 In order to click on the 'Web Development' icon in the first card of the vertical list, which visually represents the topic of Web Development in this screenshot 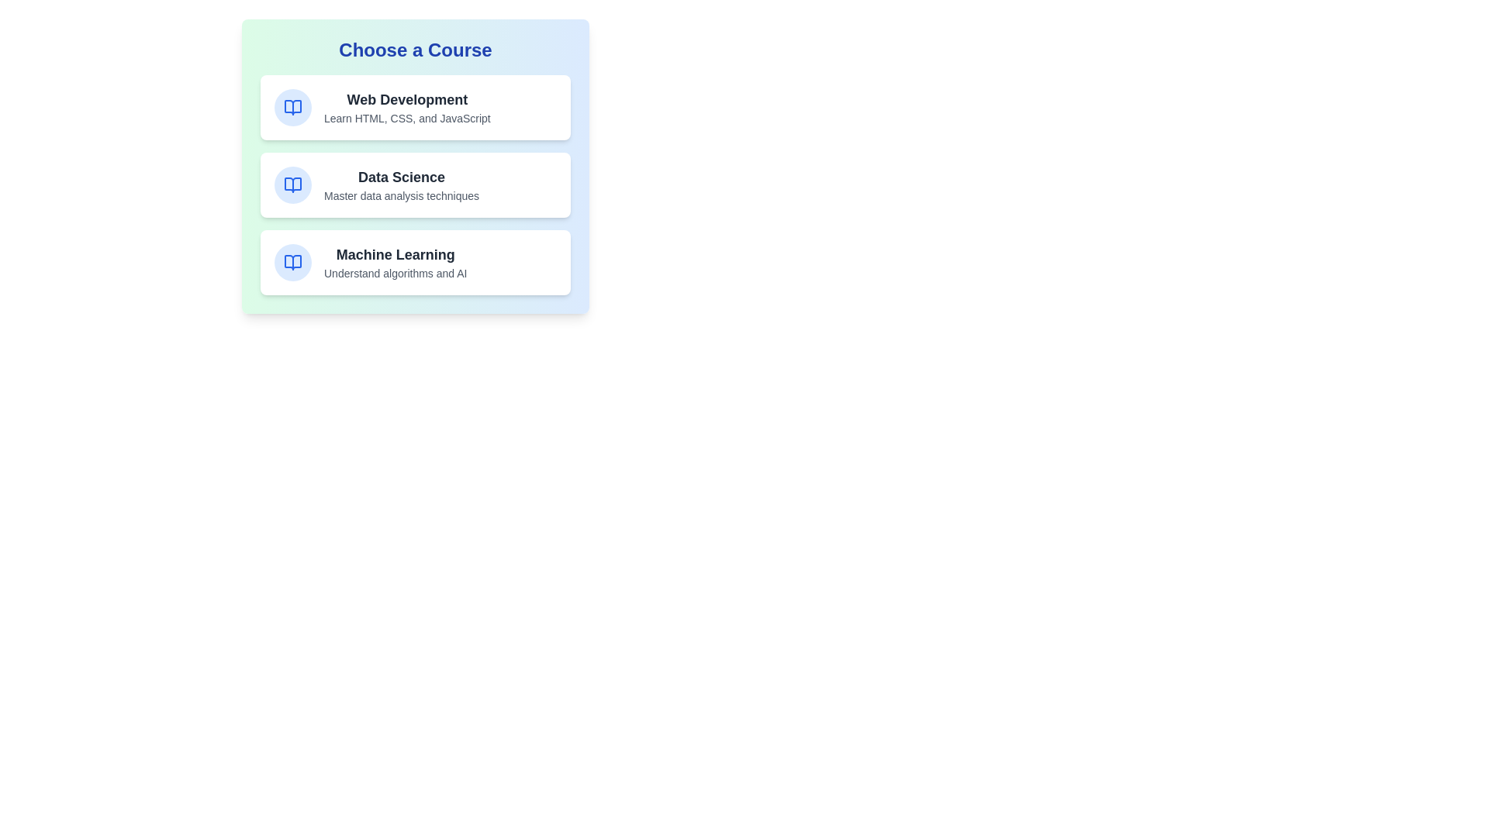, I will do `click(293, 106)`.